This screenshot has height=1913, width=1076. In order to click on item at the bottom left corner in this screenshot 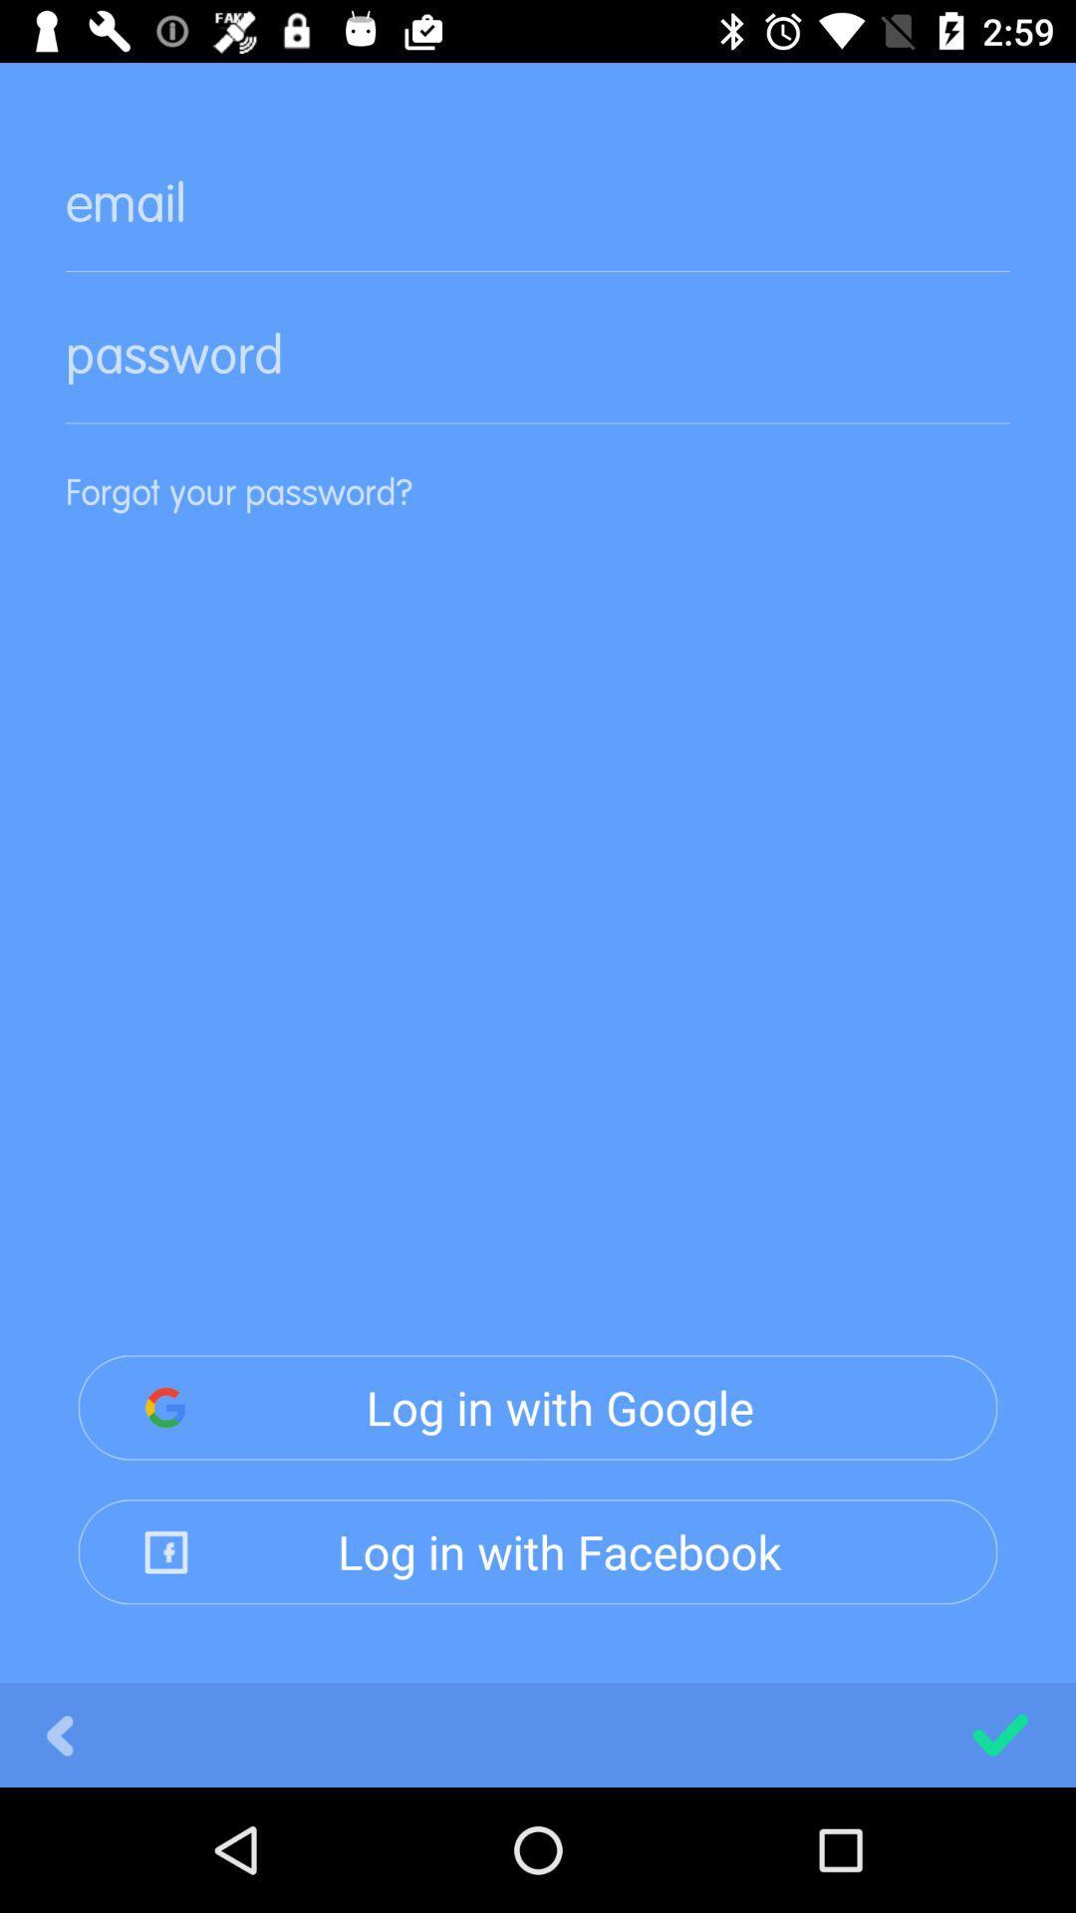, I will do `click(59, 1734)`.